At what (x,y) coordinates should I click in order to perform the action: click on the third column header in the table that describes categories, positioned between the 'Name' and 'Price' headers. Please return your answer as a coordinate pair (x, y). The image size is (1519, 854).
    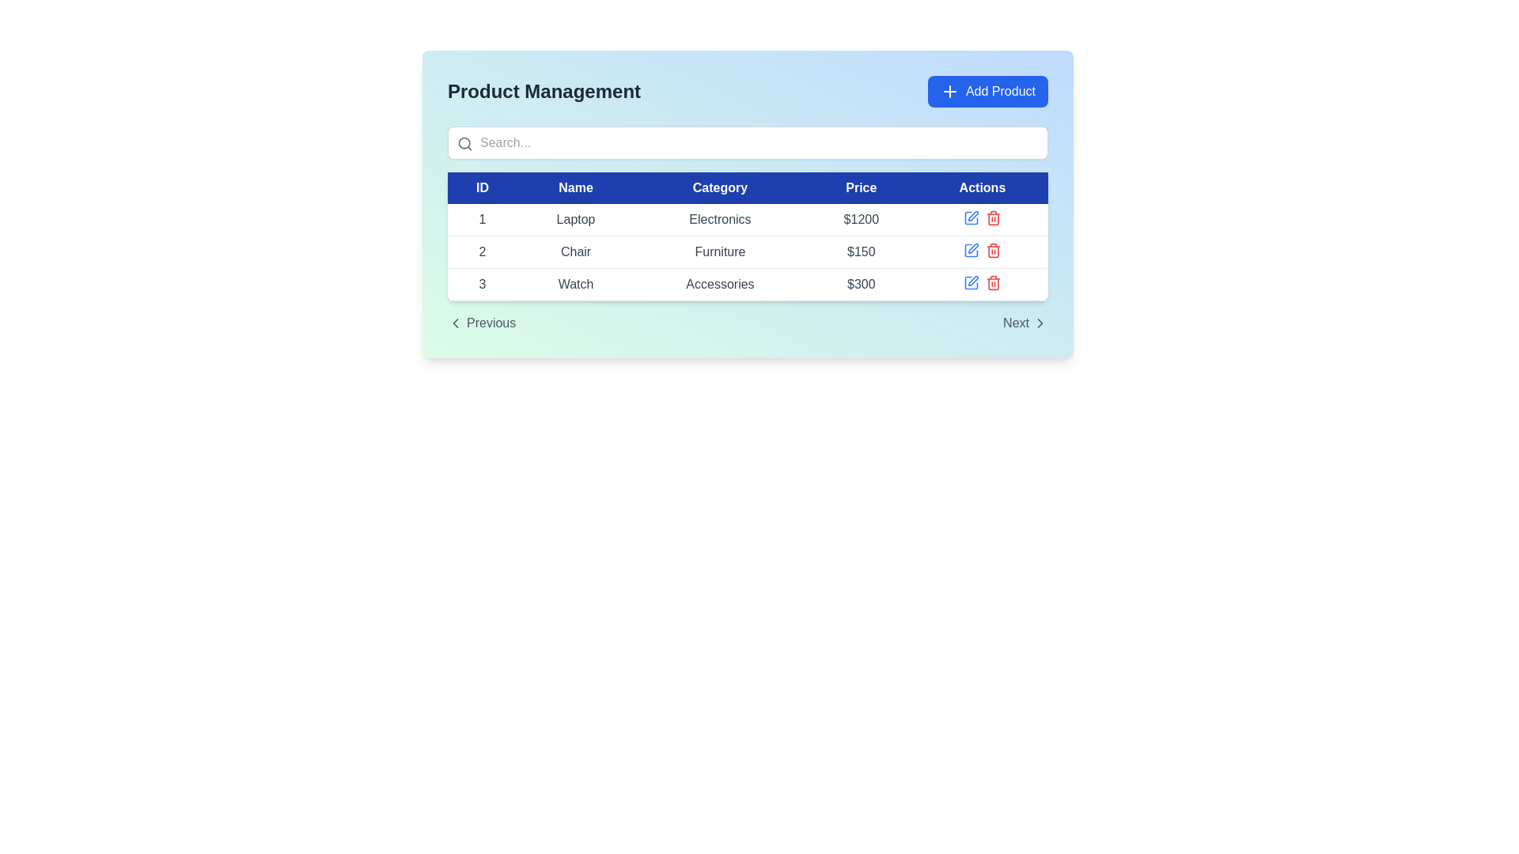
    Looking at the image, I should click on (719, 187).